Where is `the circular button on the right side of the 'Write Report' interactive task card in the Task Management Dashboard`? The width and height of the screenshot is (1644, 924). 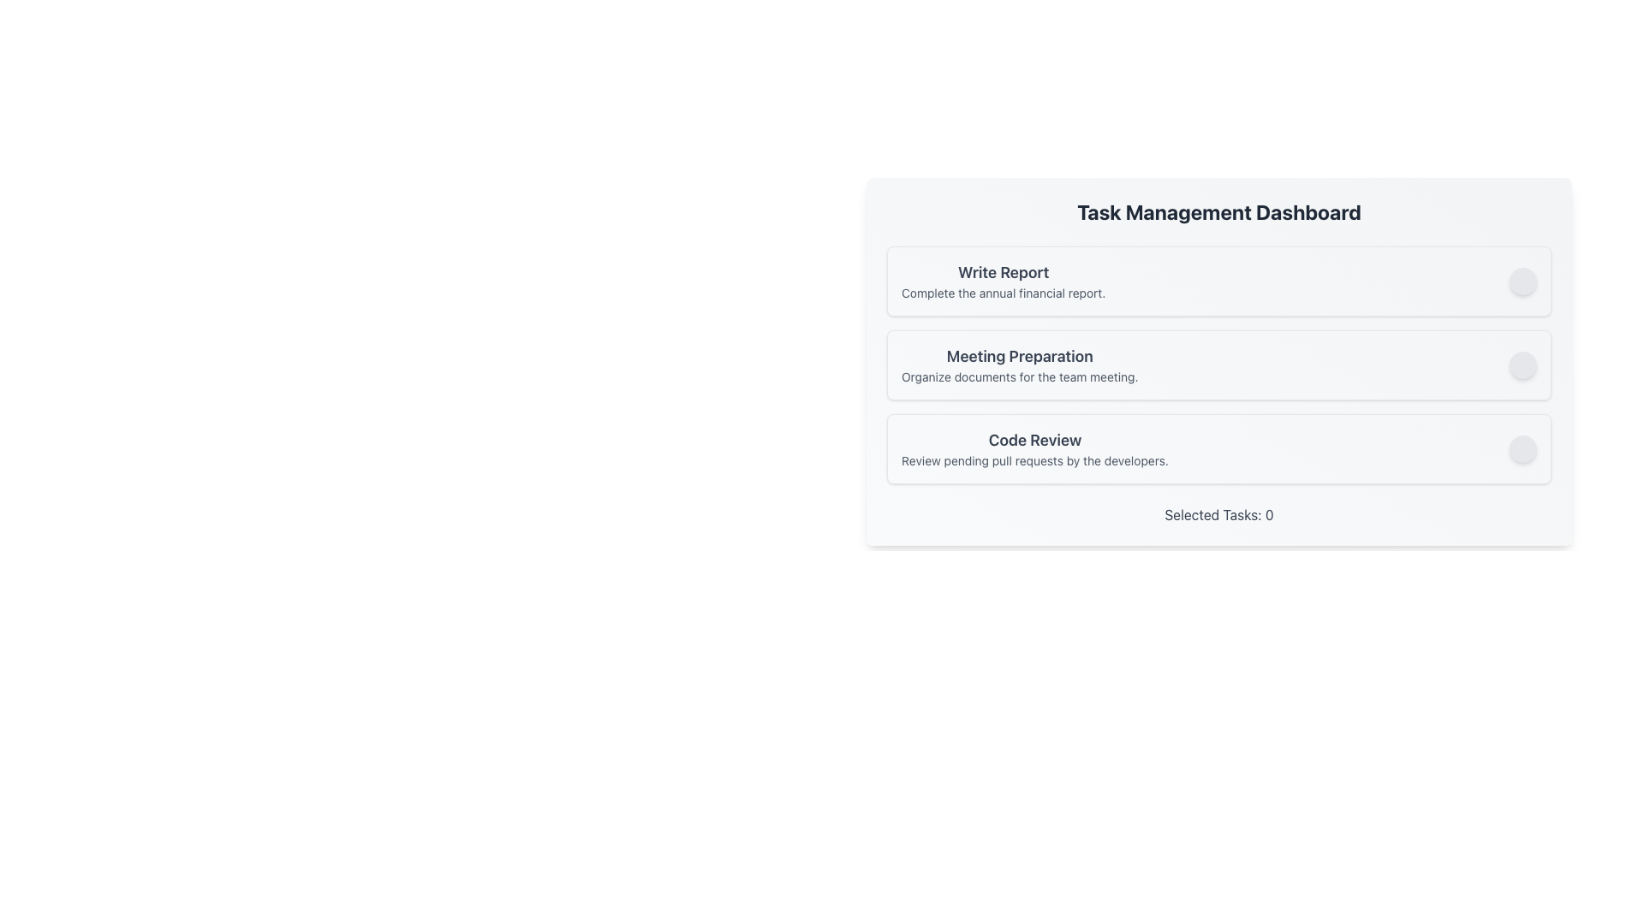 the circular button on the right side of the 'Write Report' interactive task card in the Task Management Dashboard is located at coordinates (1218, 280).